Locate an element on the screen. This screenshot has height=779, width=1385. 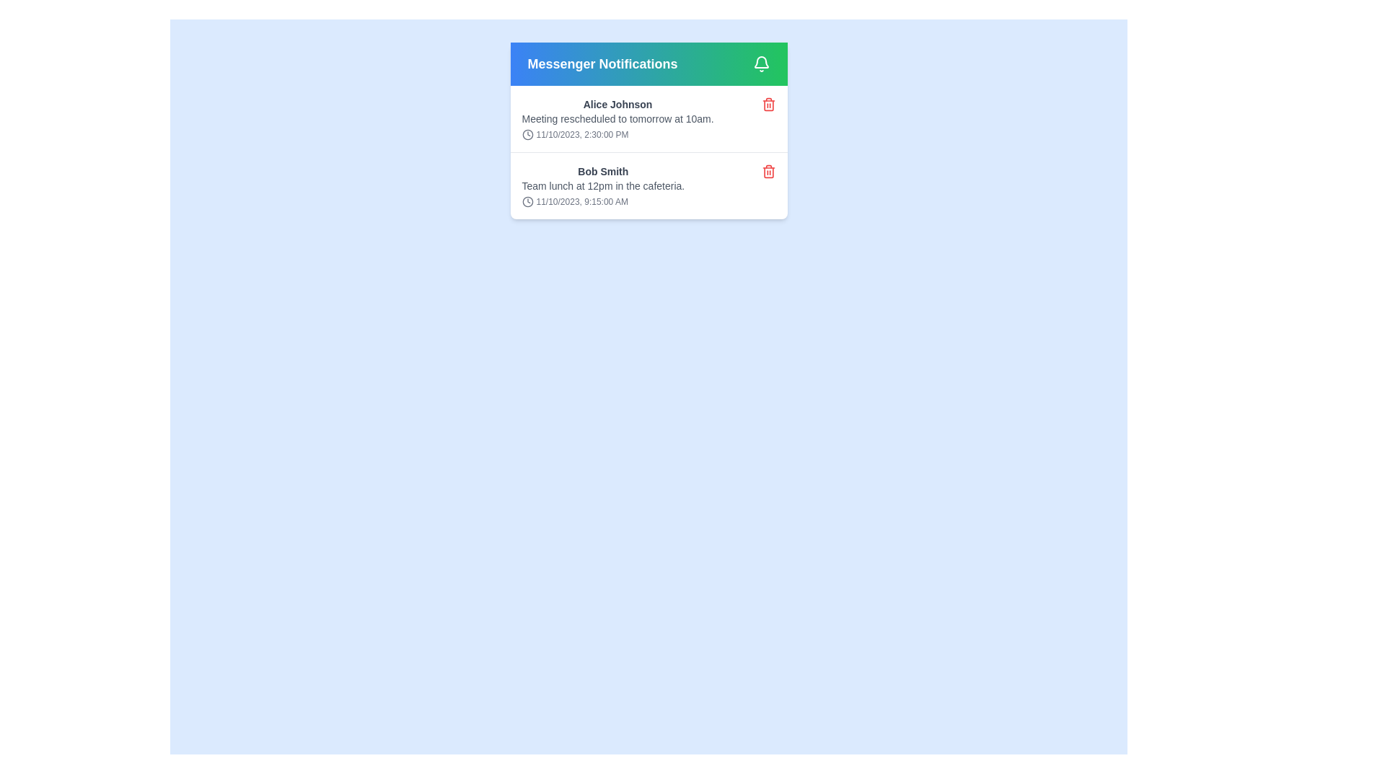
the notification icon located at the far right of the top header bar, aligned with the 'Messenger Notifications' text is located at coordinates (760, 63).